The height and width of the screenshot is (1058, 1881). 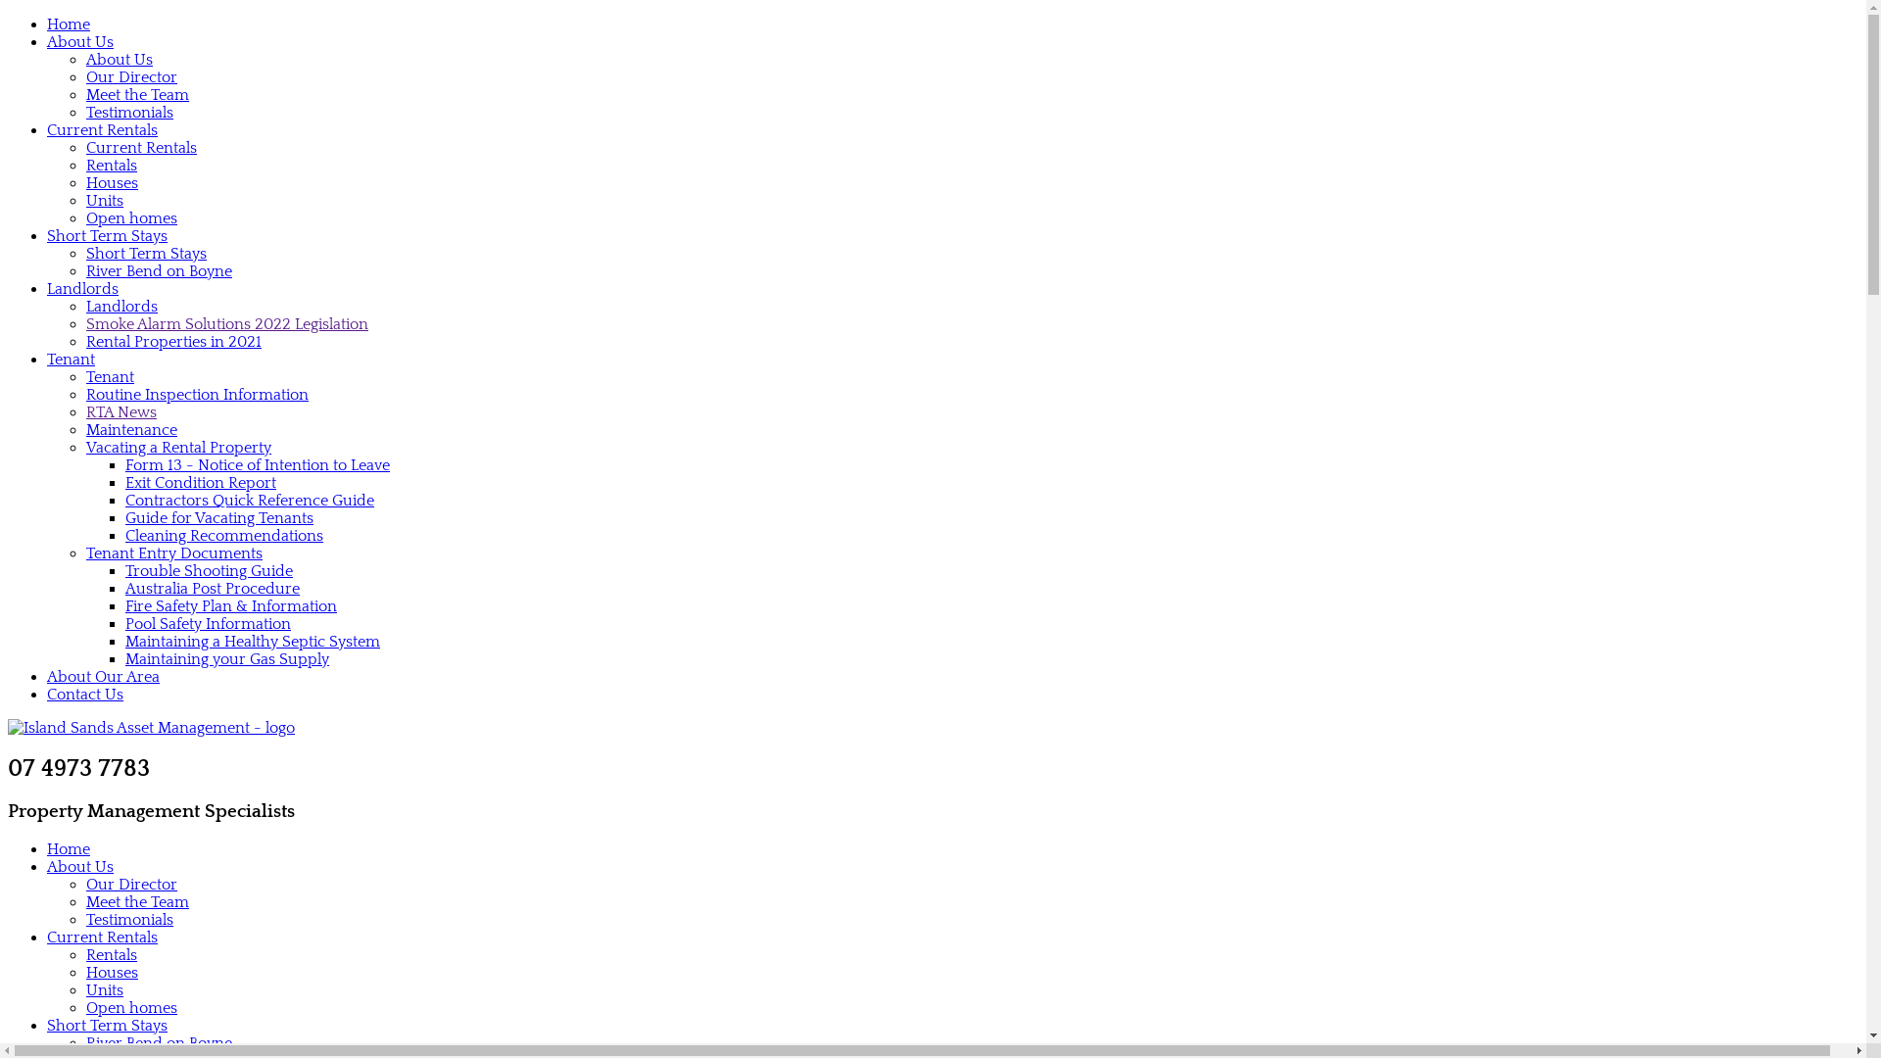 I want to click on 'Fire Safety Plan & Information', so click(x=230, y=604).